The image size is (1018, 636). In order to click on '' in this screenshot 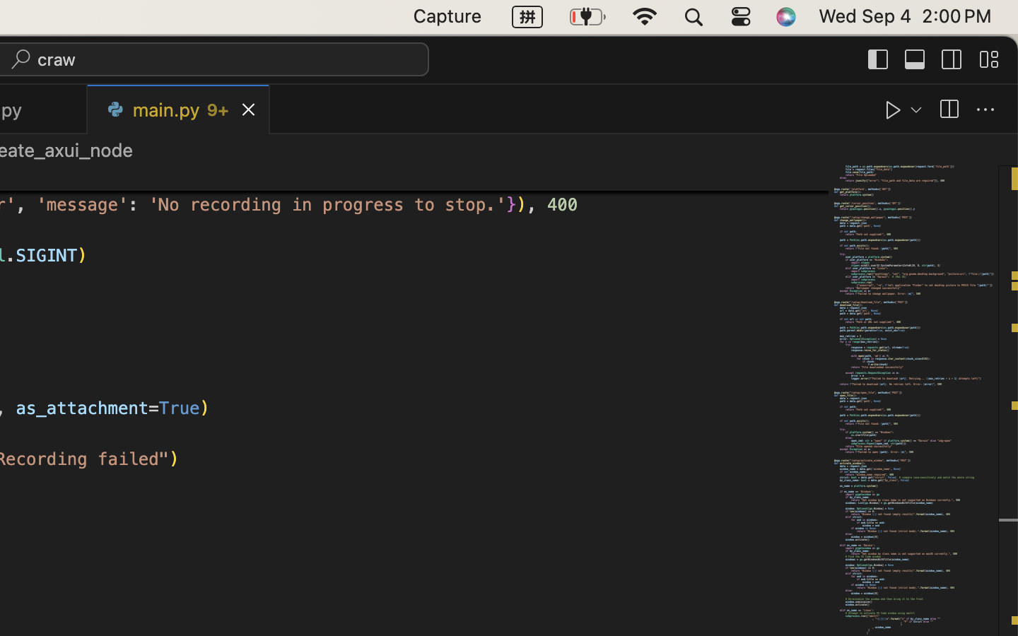, I will do `click(915, 58)`.